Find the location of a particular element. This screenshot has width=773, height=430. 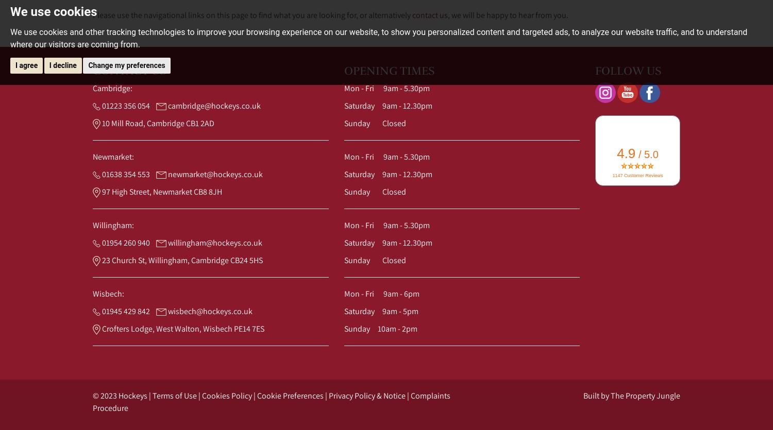

'contact us' is located at coordinates (429, 15).